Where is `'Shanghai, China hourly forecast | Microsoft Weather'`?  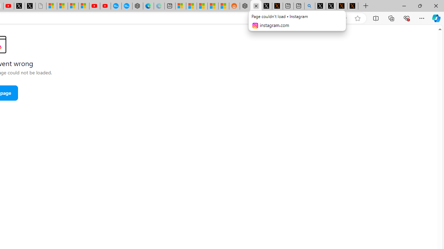 'Shanghai, China hourly forecast | Microsoft Weather' is located at coordinates (202, 6).